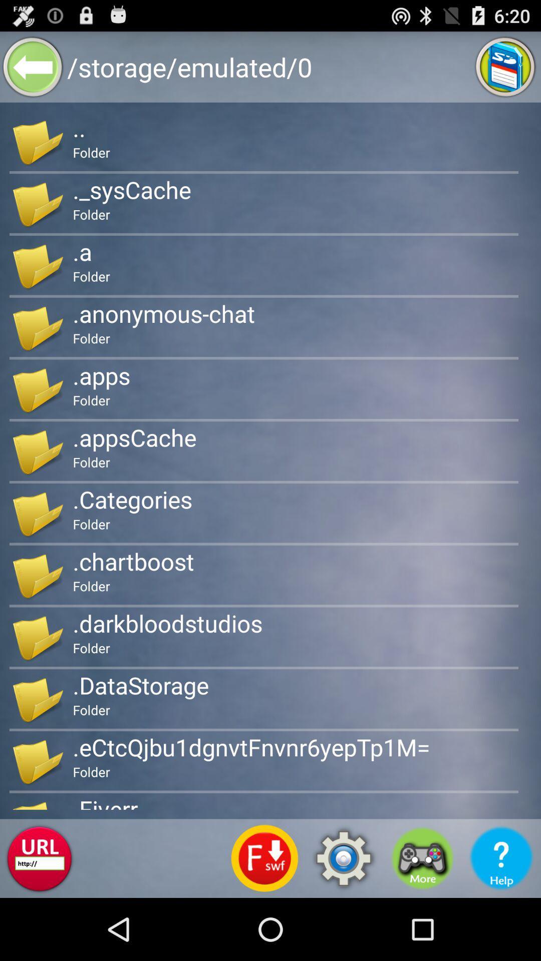 The image size is (541, 961). I want to click on the save icon, so click(505, 71).